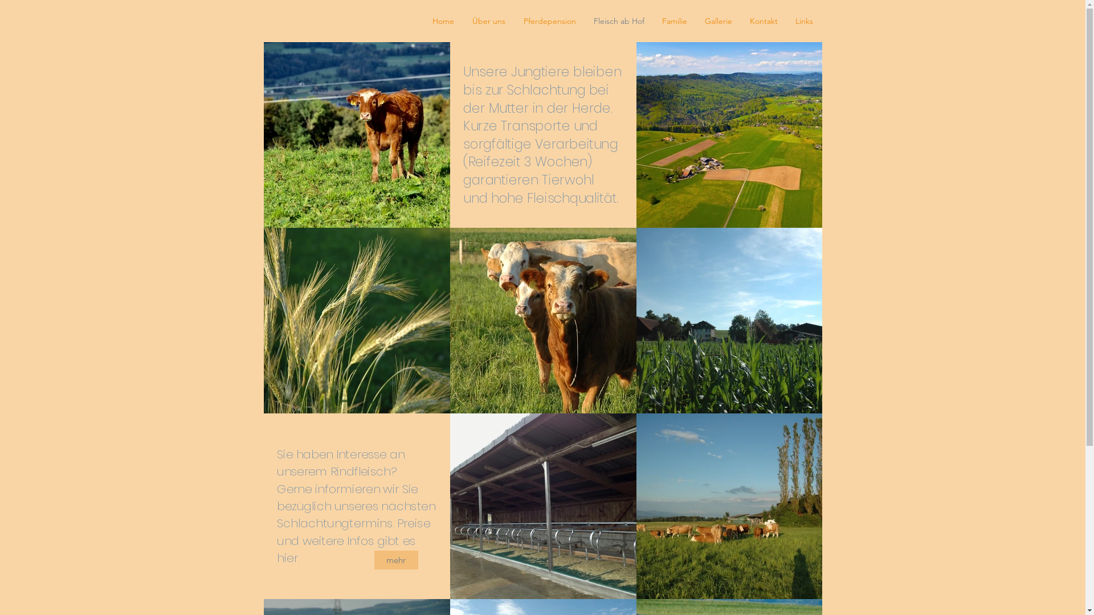 This screenshot has width=1094, height=615. I want to click on 'Gallerie', so click(718, 21).